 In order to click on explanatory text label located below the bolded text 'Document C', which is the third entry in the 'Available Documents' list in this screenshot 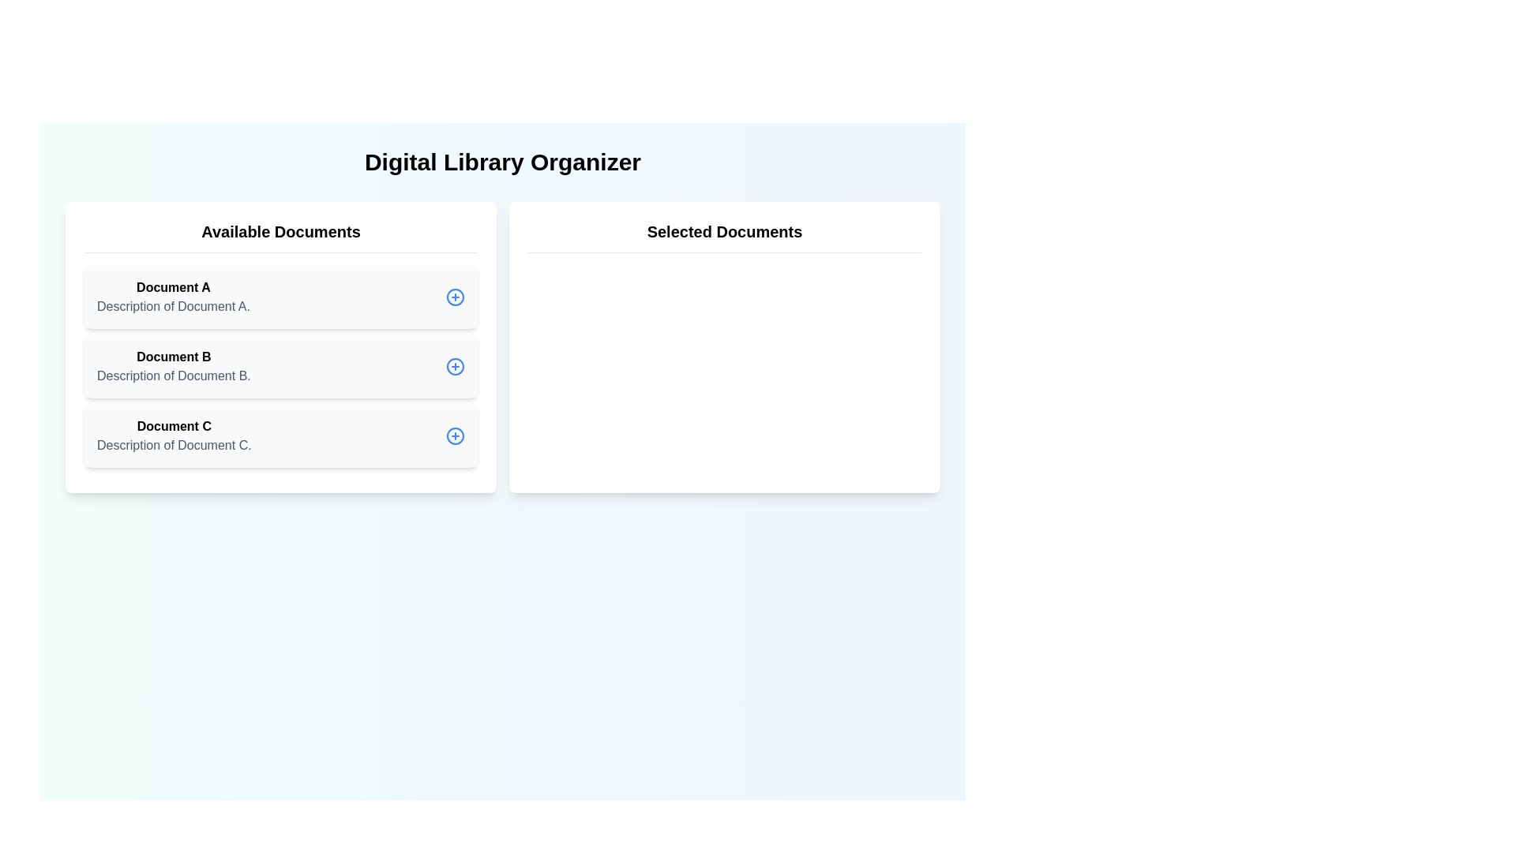, I will do `click(174, 445)`.